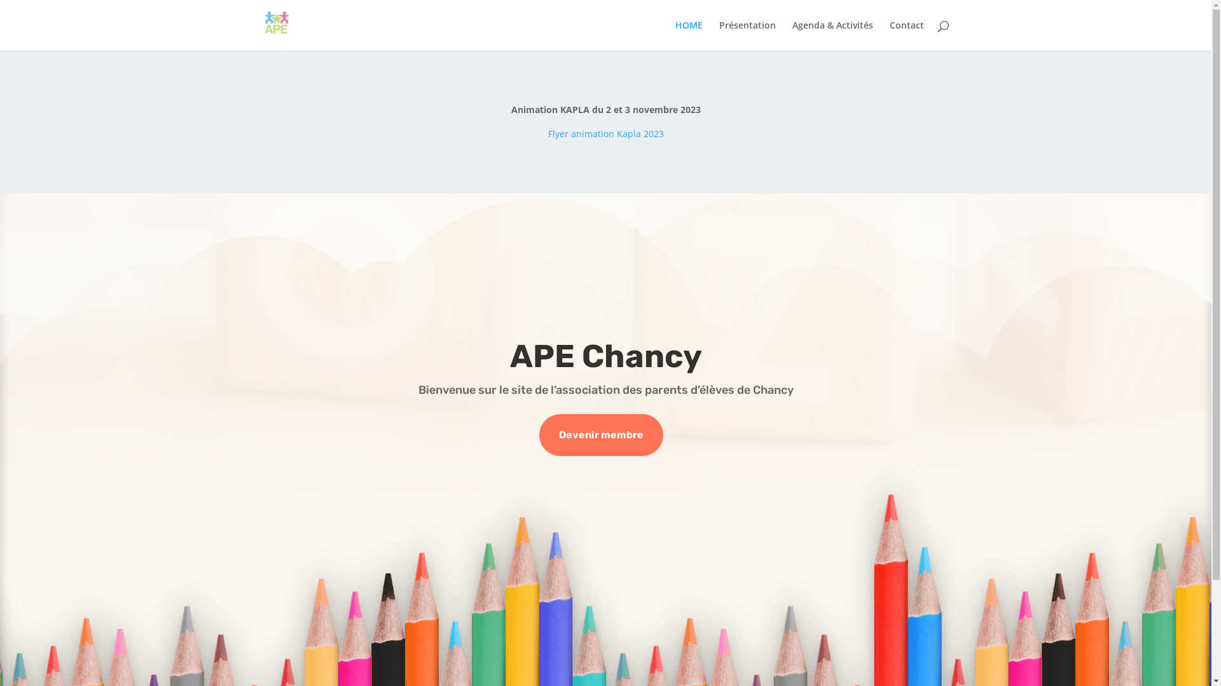 This screenshot has height=686, width=1221. I want to click on 'HOME', so click(688, 35).